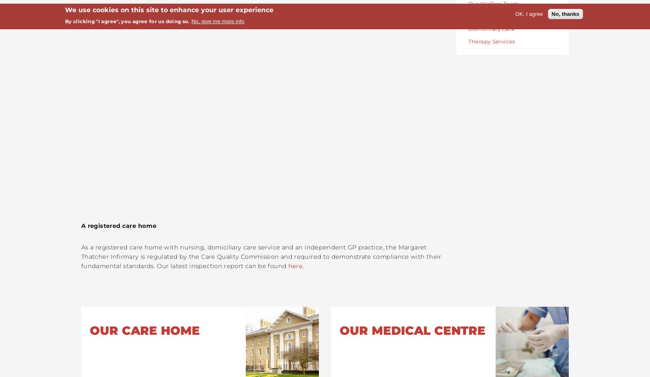 The height and width of the screenshot is (377, 650). Describe the element at coordinates (468, 41) in the screenshot. I see `'Therapy Services'` at that location.